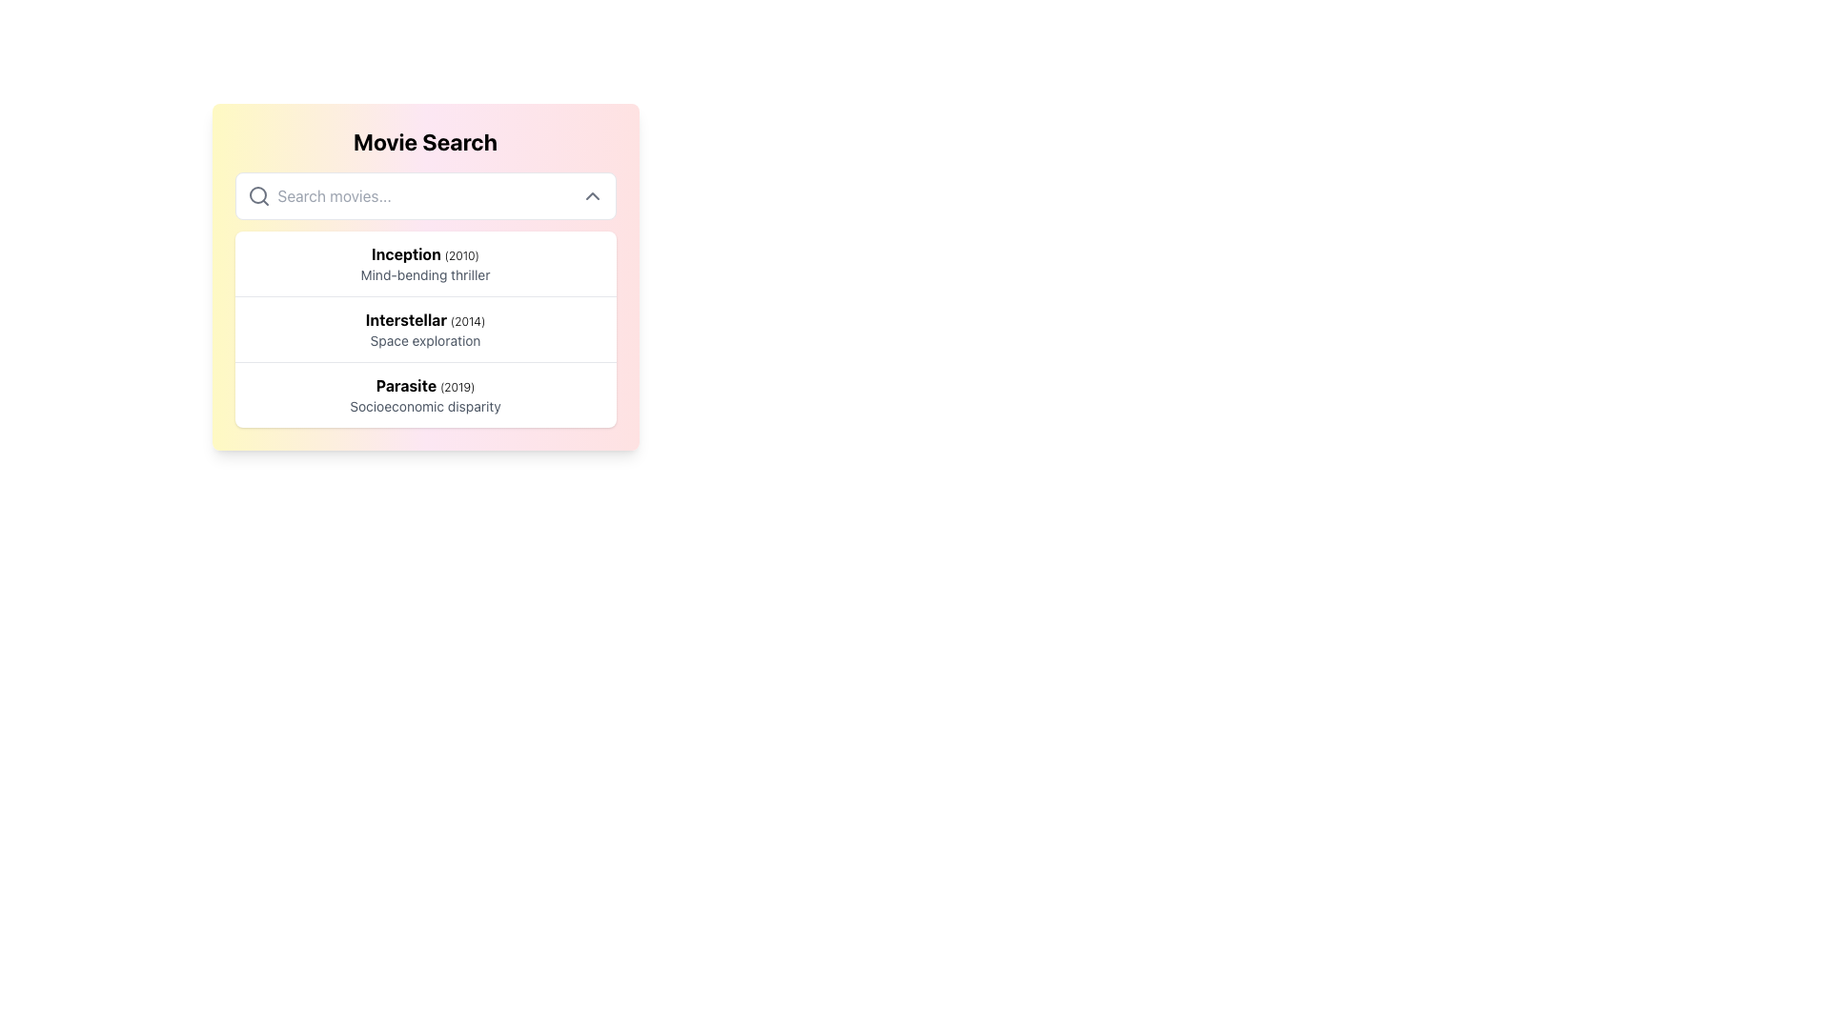 Image resolution: width=1830 pixels, height=1029 pixels. I want to click on the textual content 'Mind-bending thriller' displayed in a smaller font size and lighter gray color, so click(424, 275).